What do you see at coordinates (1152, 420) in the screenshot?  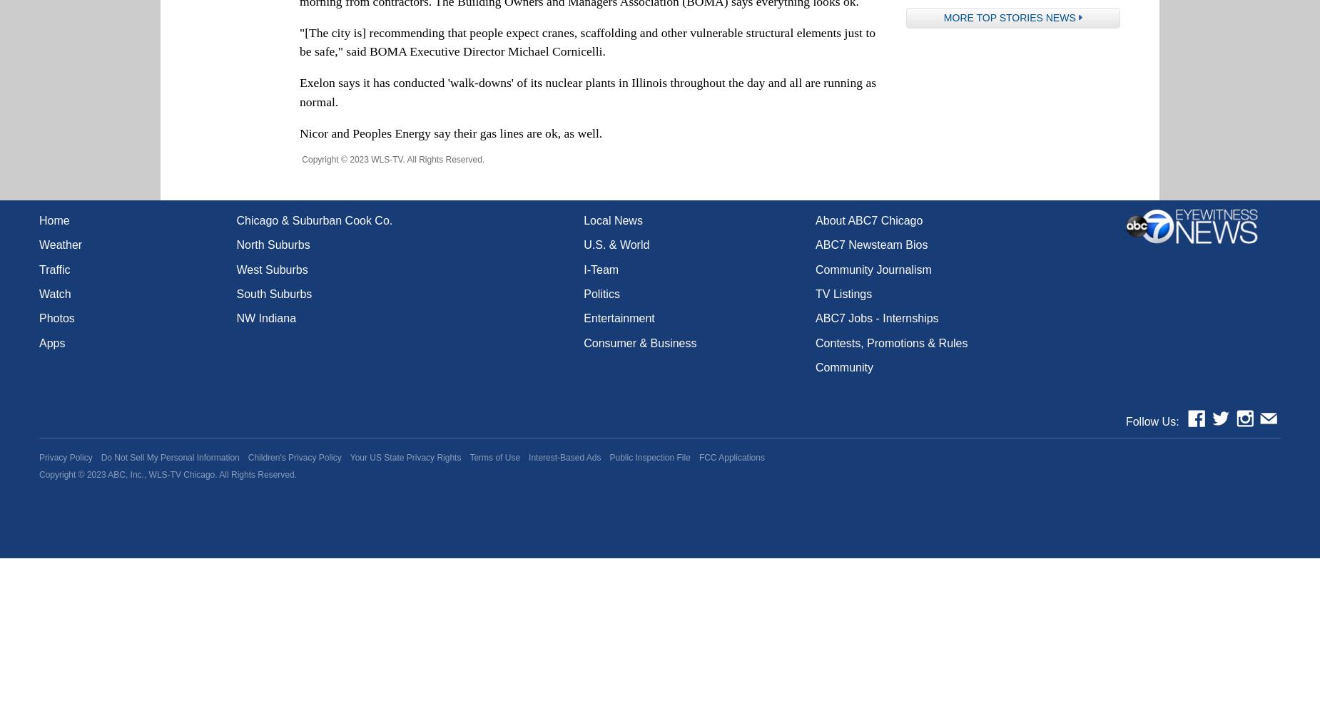 I see `'Follow Us:'` at bounding box center [1152, 420].